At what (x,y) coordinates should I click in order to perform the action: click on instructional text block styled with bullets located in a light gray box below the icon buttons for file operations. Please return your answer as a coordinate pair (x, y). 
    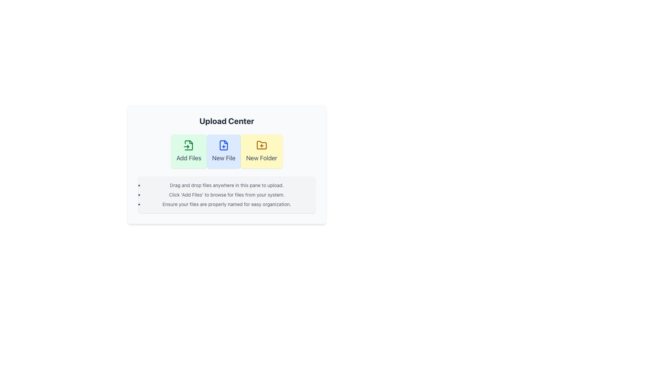
    Looking at the image, I should click on (226, 195).